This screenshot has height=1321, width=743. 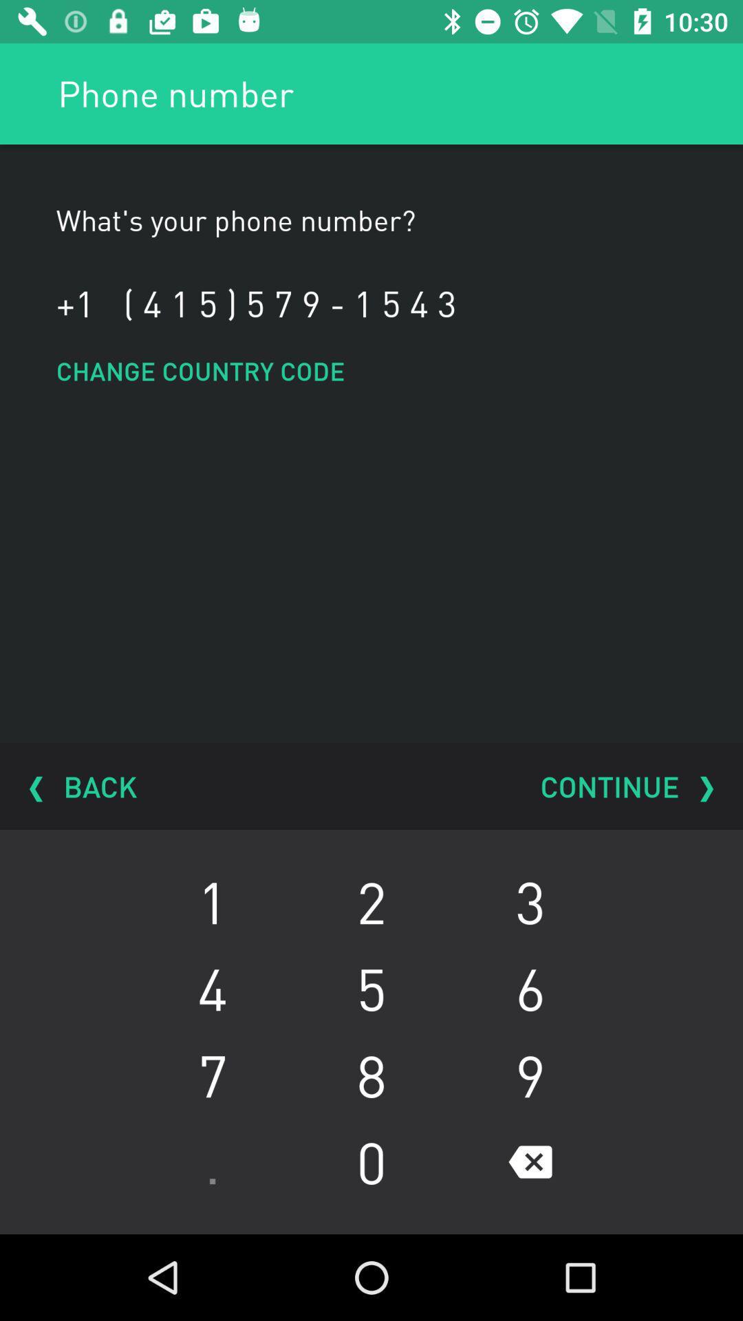 I want to click on 7, so click(x=213, y=1075).